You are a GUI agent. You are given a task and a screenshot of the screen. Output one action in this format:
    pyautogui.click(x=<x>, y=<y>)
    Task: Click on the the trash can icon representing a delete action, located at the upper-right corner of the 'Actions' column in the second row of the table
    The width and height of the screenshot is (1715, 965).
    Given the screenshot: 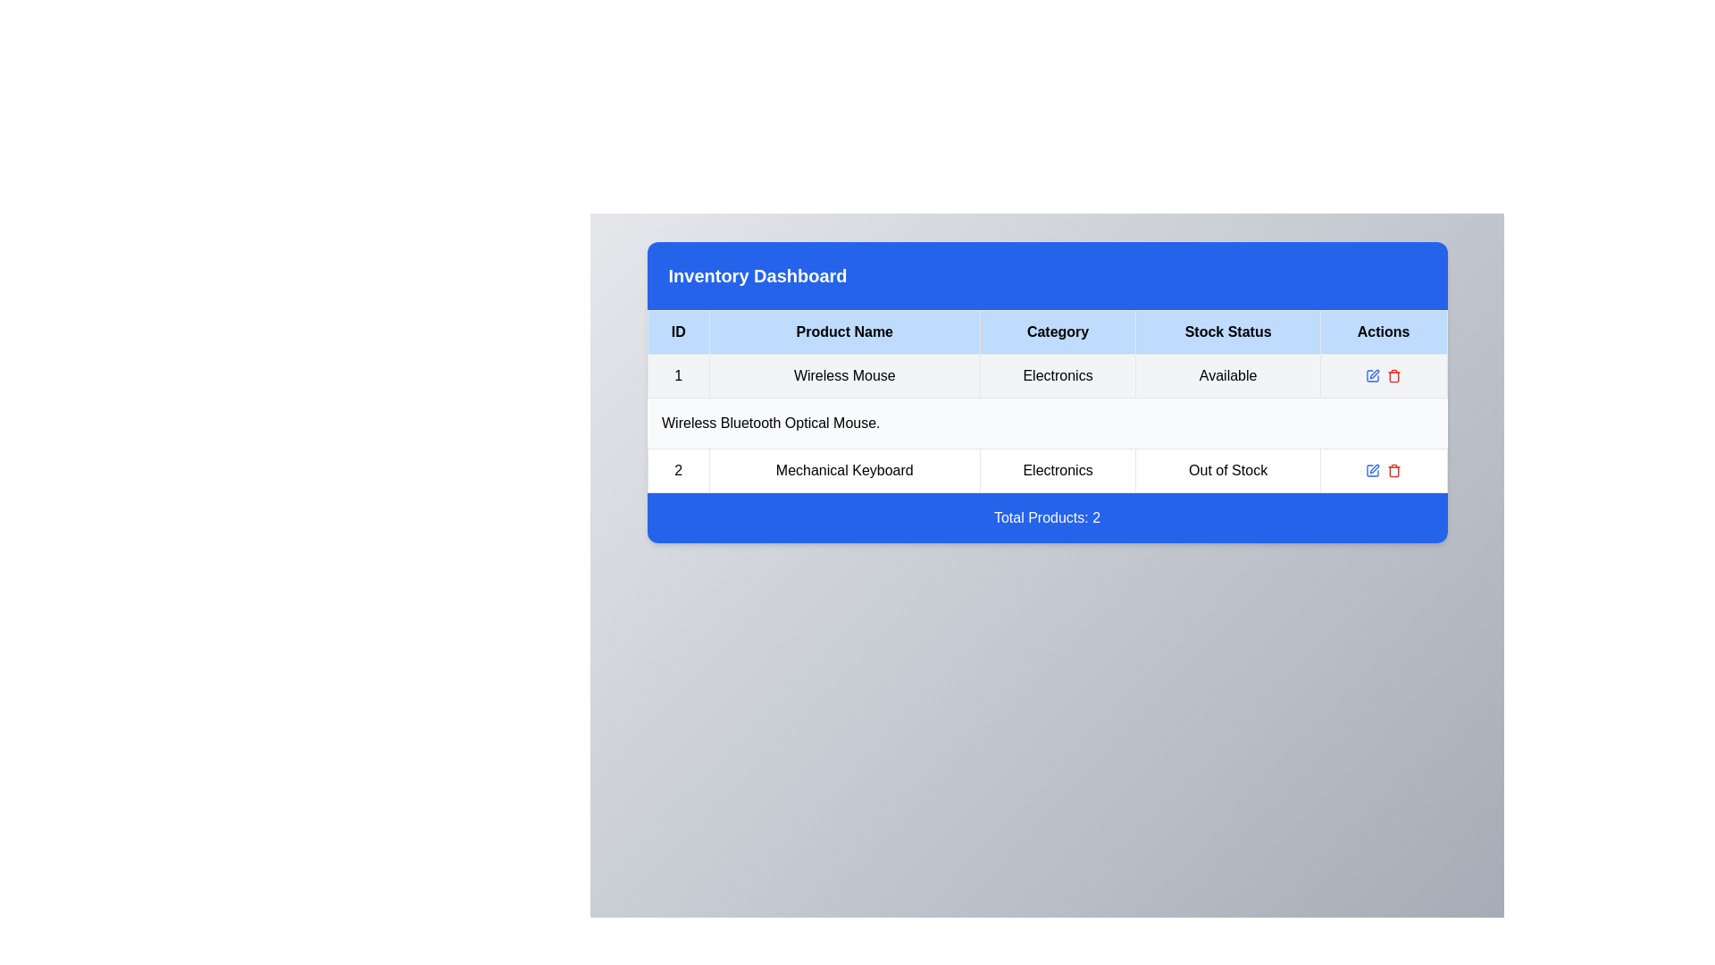 What is the action you would take?
    pyautogui.click(x=1393, y=471)
    